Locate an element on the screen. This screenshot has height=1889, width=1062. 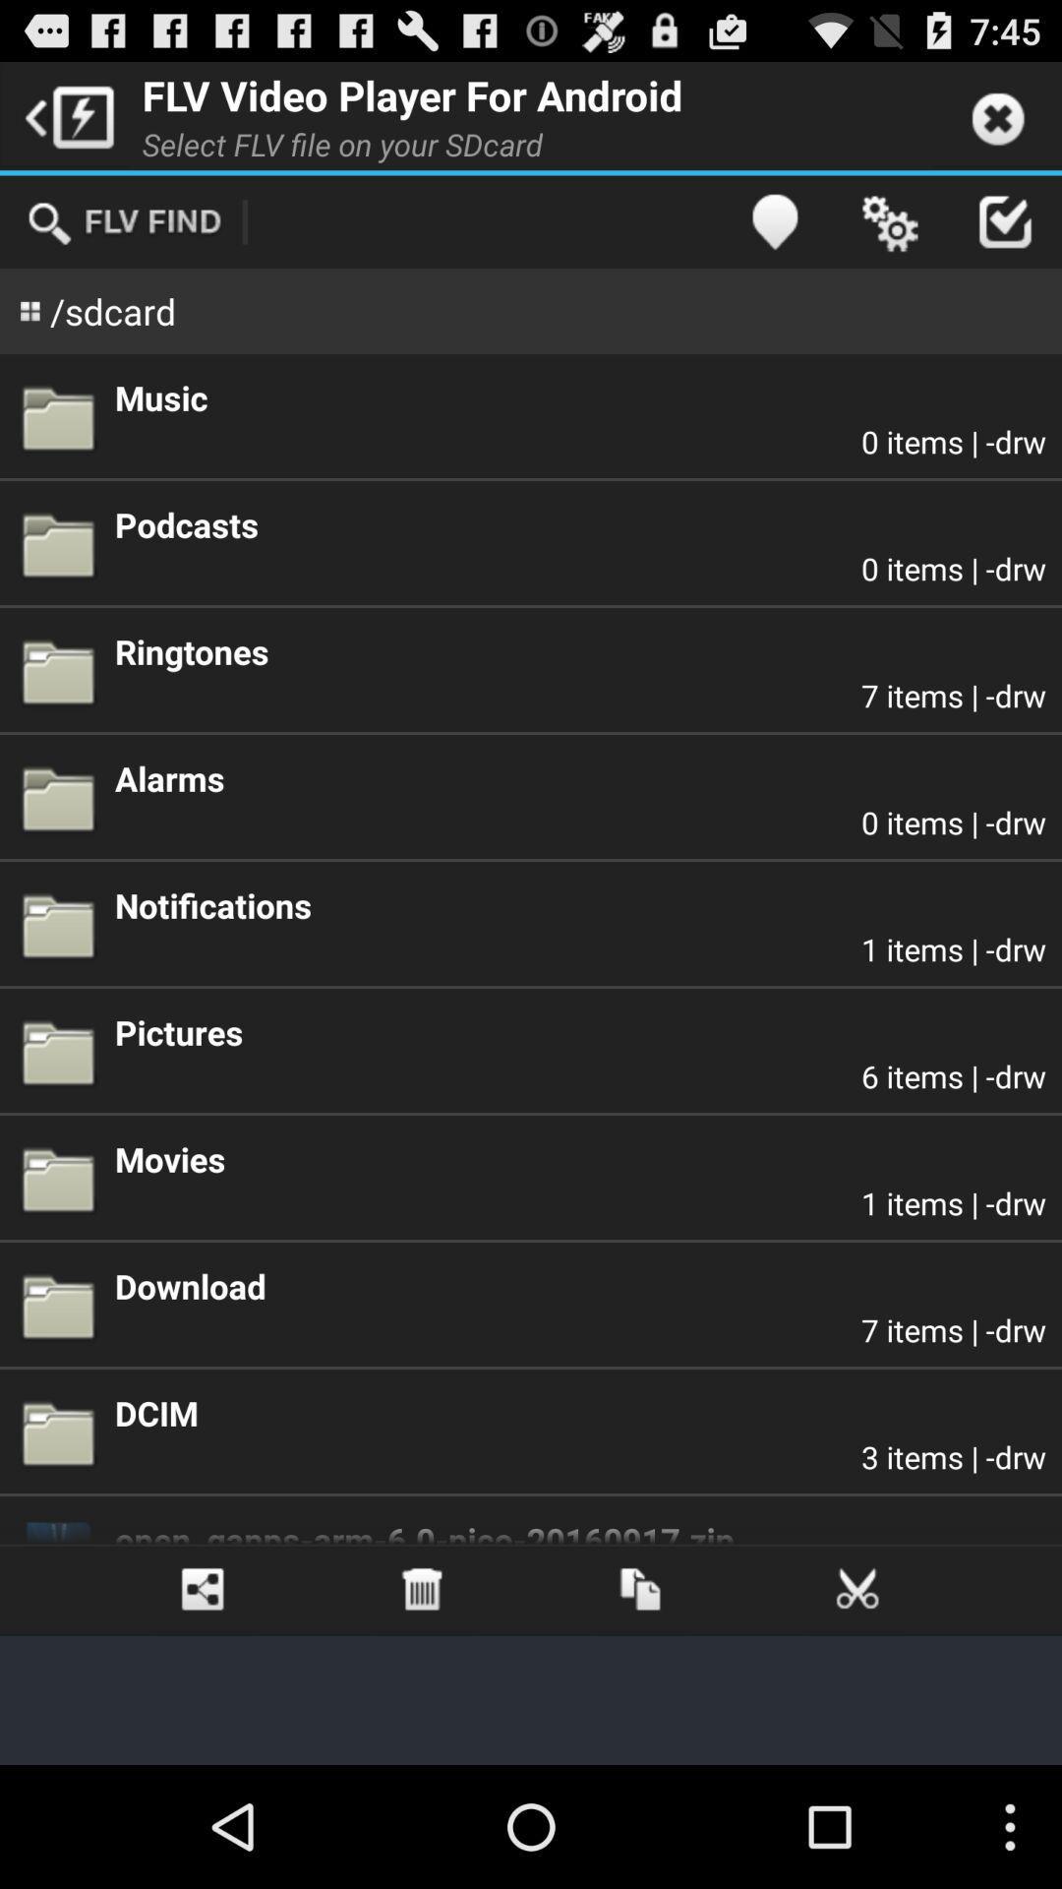
the delete icon is located at coordinates (420, 1700).